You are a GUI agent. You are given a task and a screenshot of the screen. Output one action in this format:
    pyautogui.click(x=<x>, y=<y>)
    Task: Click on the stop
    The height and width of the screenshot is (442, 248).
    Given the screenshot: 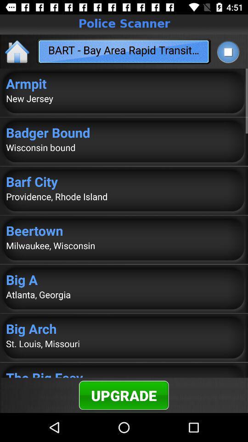 What is the action you would take?
    pyautogui.click(x=227, y=52)
    